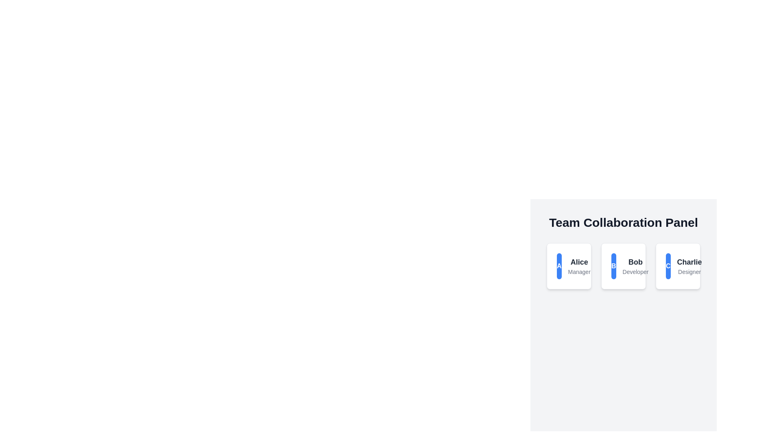 This screenshot has height=439, width=781. What do you see at coordinates (623, 266) in the screenshot?
I see `the second card representing team member 'Bob - Developer' in the 'Team Collaboration Panel'` at bounding box center [623, 266].